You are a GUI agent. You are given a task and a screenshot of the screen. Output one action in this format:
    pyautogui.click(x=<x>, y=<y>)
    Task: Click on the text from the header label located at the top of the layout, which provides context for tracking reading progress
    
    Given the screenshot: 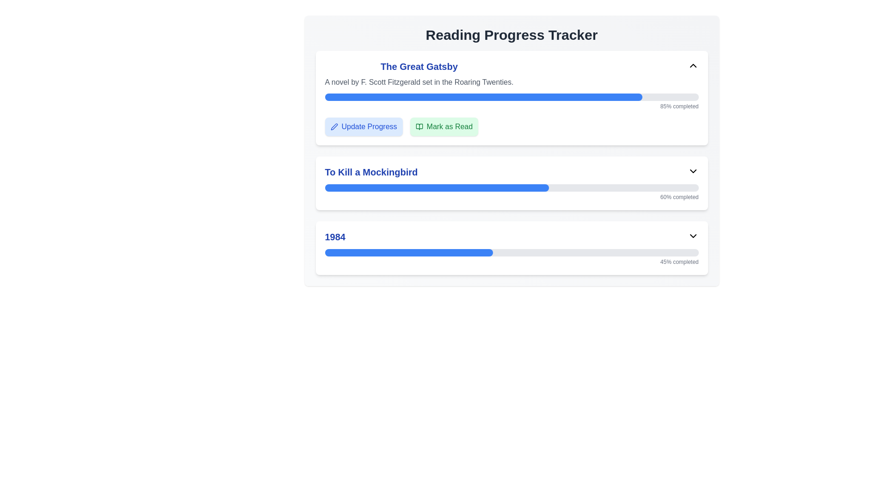 What is the action you would take?
    pyautogui.click(x=511, y=35)
    